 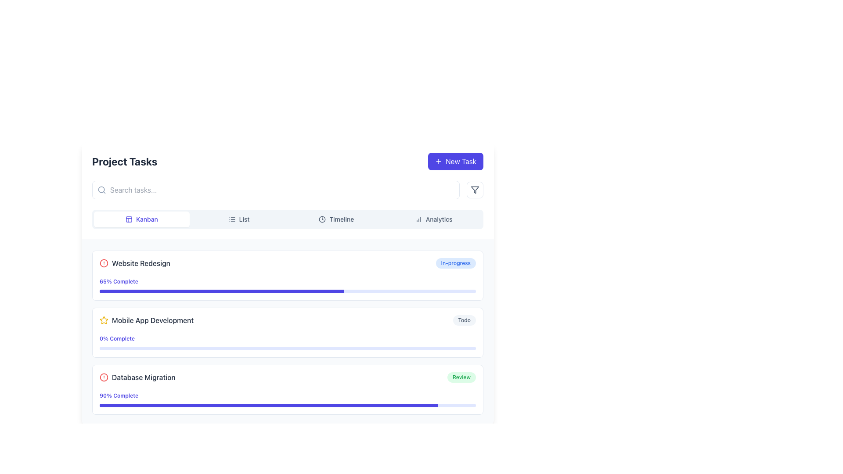 What do you see at coordinates (464, 320) in the screenshot?
I see `the pill-shaped badge labeled 'Todo' with a light gray background and dark gray text, located in the rightmost section of the 'Mobile App Development' item row in the project tasks list` at bounding box center [464, 320].